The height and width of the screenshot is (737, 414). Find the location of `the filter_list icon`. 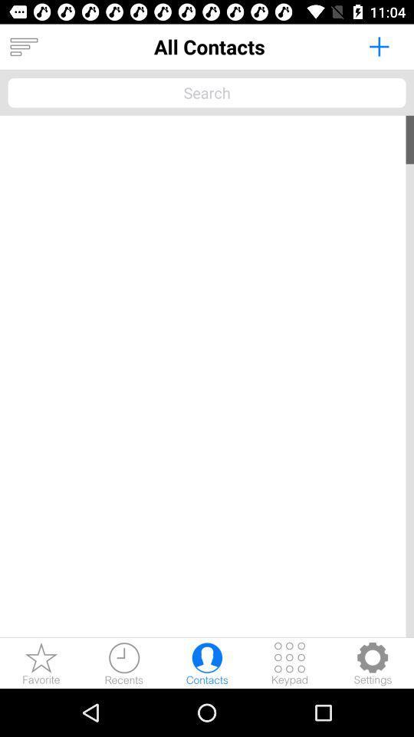

the filter_list icon is located at coordinates (23, 47).